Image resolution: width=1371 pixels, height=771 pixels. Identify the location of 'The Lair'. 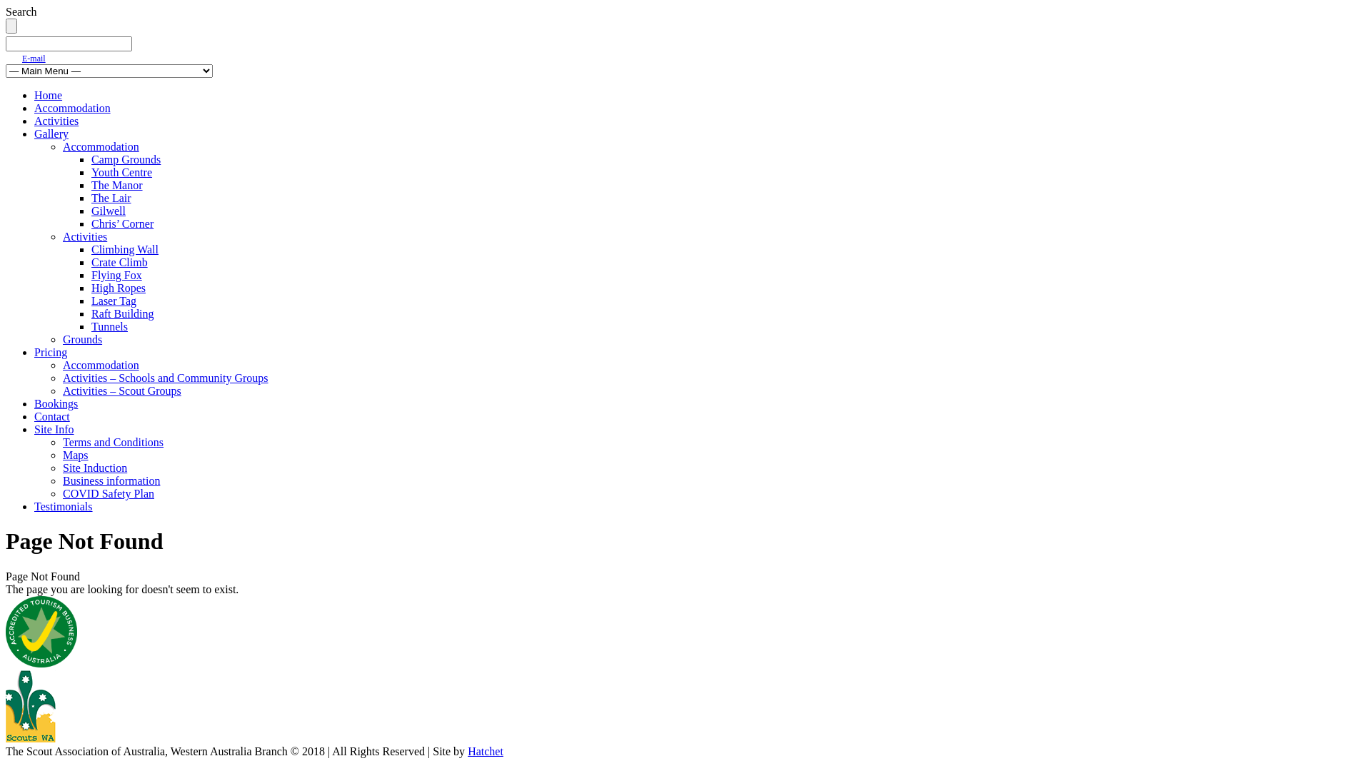
(91, 198).